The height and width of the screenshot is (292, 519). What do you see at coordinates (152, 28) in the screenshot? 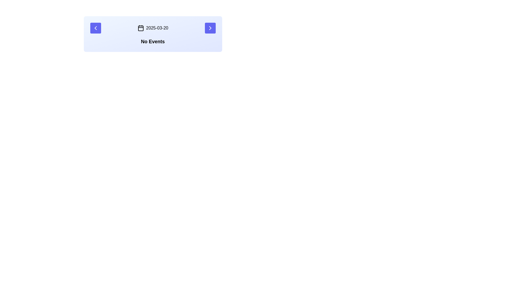
I see `displayed date from the Date display element located at the center of the navigation bar, positioned between the left-facing and right-facing arrows` at bounding box center [152, 28].